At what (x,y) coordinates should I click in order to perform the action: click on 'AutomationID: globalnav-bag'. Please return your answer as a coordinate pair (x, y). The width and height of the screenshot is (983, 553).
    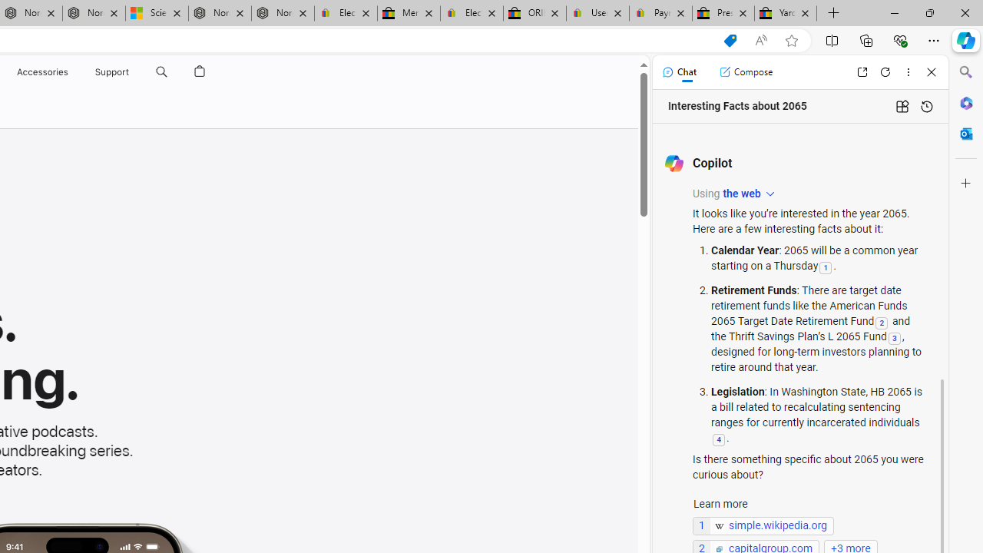
    Looking at the image, I should click on (199, 71).